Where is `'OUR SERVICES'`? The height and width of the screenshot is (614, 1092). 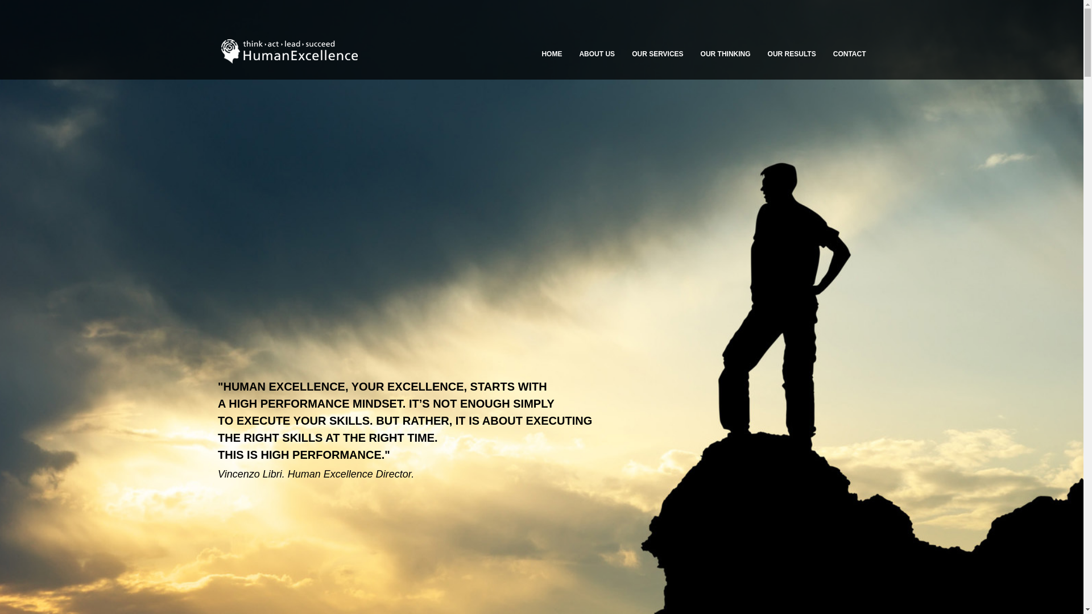
'OUR SERVICES' is located at coordinates (657, 54).